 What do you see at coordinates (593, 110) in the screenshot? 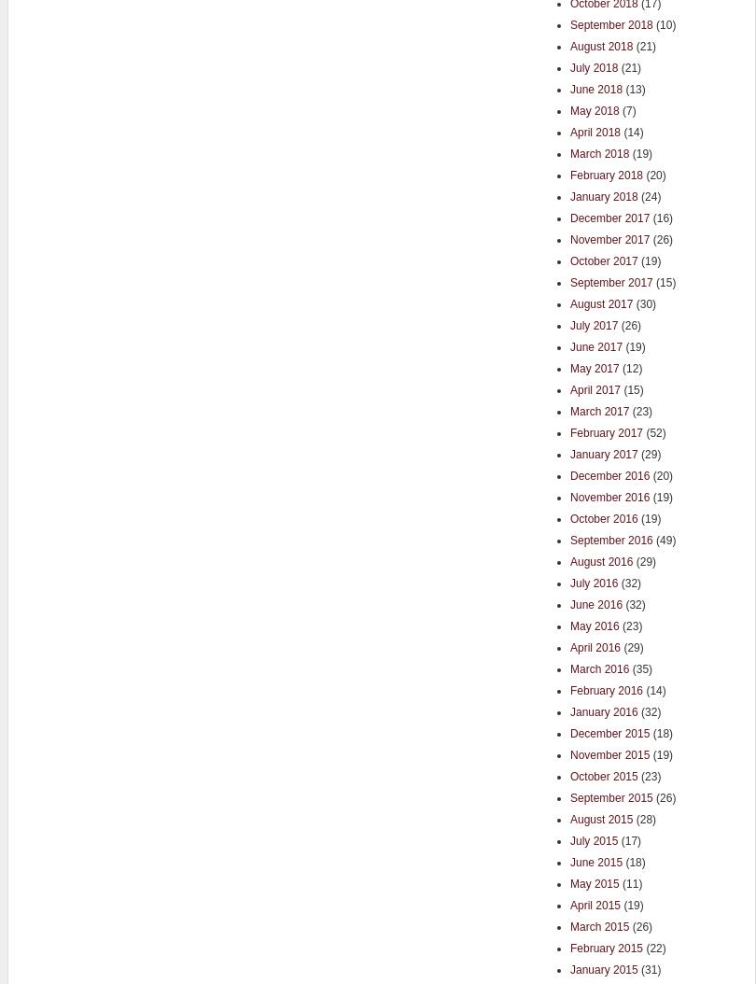
I see `'May 2018'` at bounding box center [593, 110].